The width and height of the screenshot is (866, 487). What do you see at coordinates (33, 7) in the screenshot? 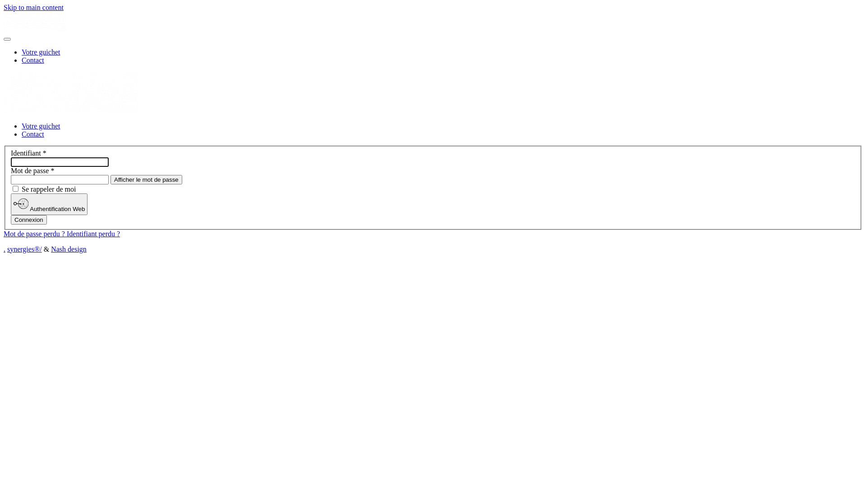
I see `'Skip to main content'` at bounding box center [33, 7].